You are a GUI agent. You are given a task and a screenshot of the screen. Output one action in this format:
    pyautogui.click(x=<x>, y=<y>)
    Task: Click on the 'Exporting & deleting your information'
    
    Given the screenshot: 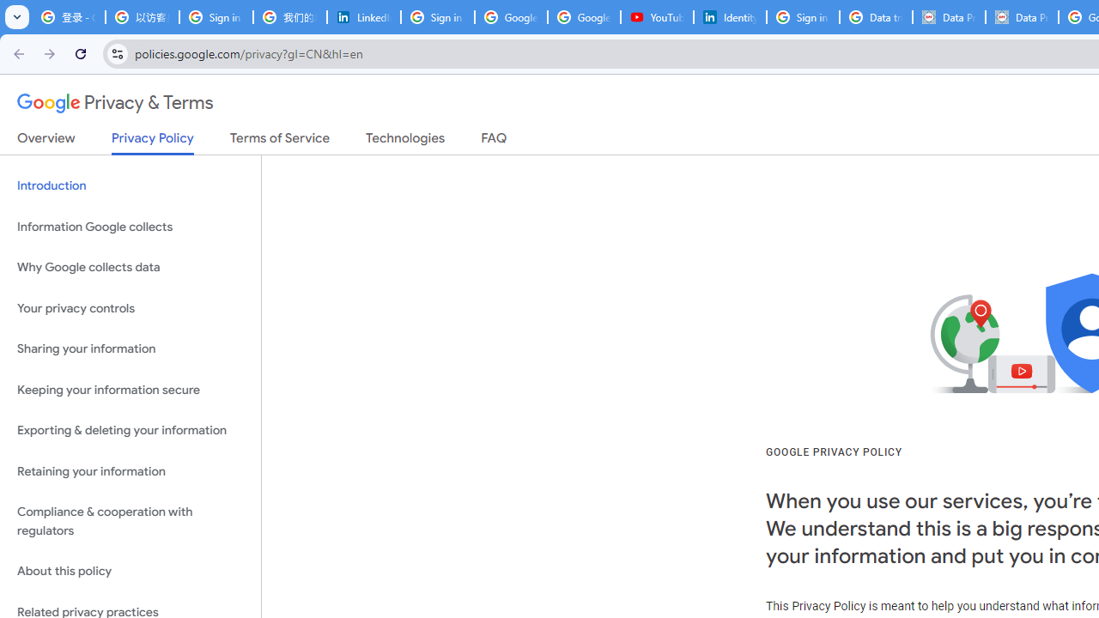 What is the action you would take?
    pyautogui.click(x=130, y=430)
    